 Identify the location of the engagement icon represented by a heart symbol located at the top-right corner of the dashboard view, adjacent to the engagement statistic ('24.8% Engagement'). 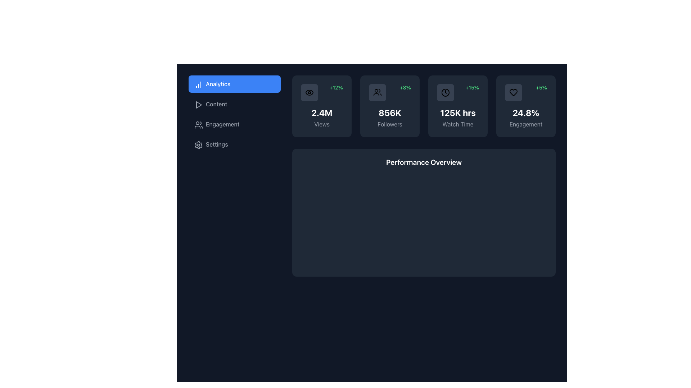
(513, 92).